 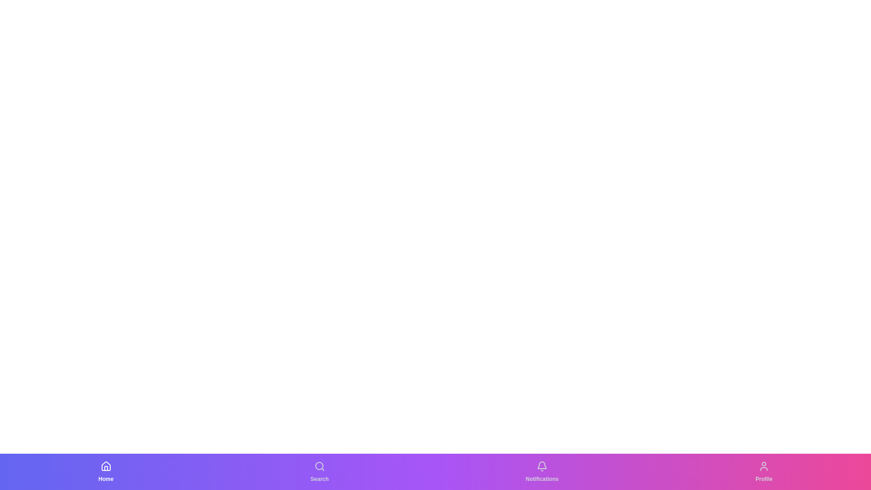 I want to click on the tab labeled Profile to view its tooltip, so click(x=763, y=471).